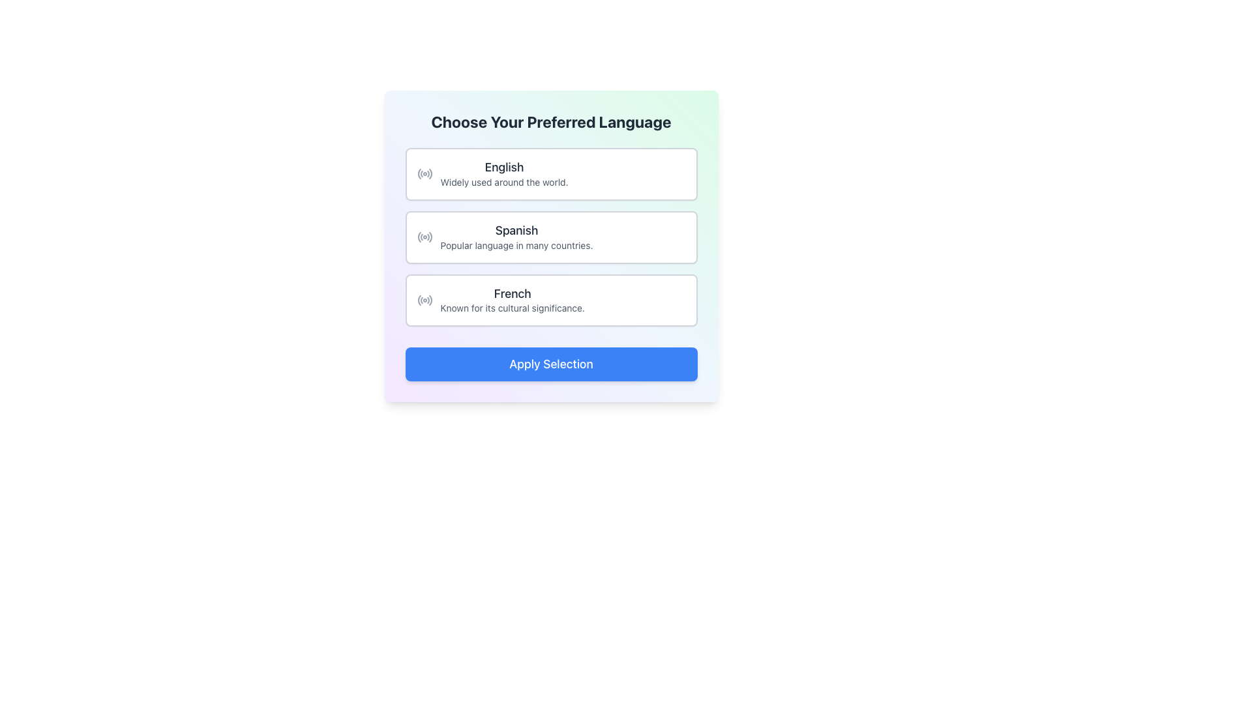  Describe the element at coordinates (425, 237) in the screenshot. I see `the gray radio signal icon located next to the text 'Spanish' in the language options list` at that location.